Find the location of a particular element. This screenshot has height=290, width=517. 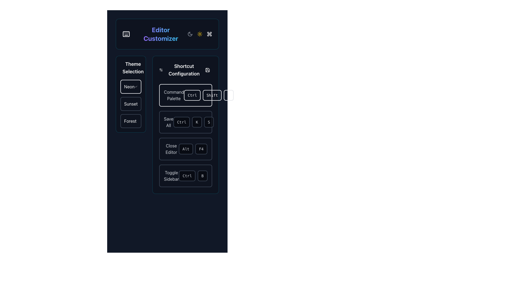

the button displaying the letter 'P' in the 'Shortcut Configuration' section, which has a semi-transparent cyan background and is the last button in a horizontal list is located at coordinates (229, 95).